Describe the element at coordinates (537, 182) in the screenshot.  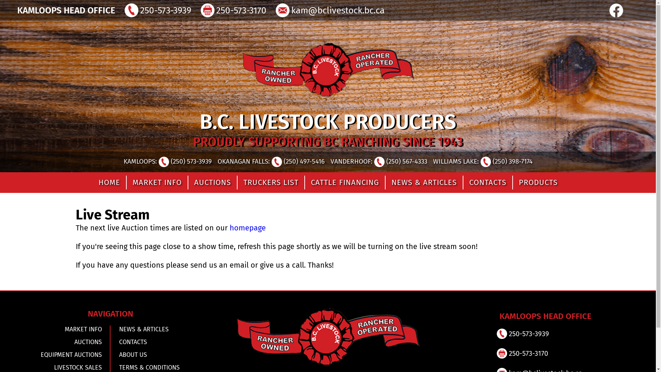
I see `'PRODUCTS'` at that location.